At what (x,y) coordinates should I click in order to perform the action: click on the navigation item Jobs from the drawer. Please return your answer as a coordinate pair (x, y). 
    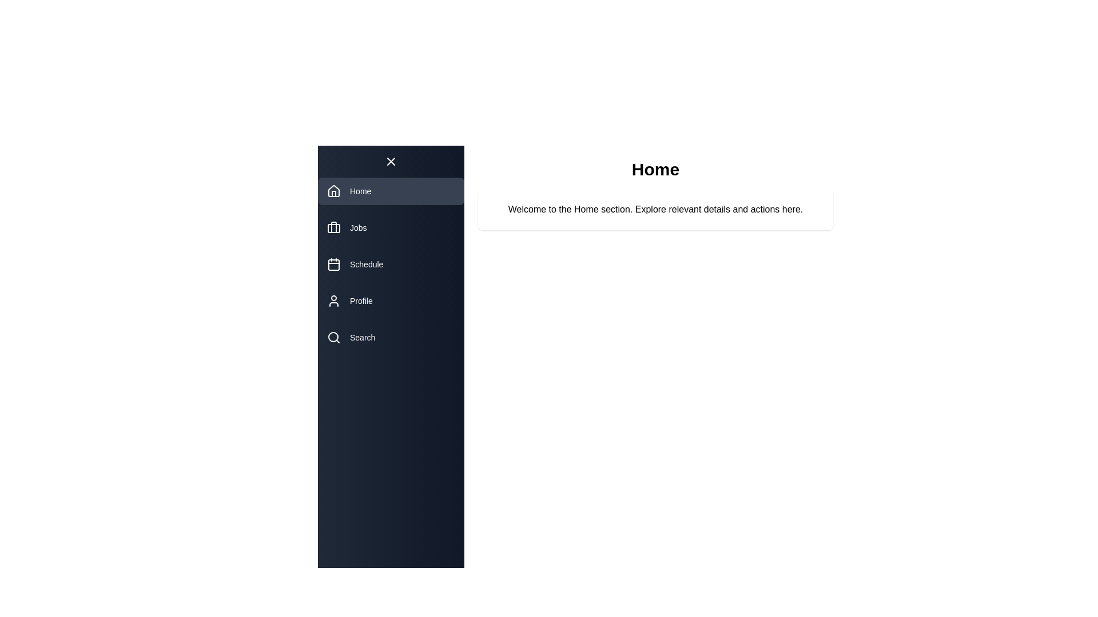
    Looking at the image, I should click on (391, 227).